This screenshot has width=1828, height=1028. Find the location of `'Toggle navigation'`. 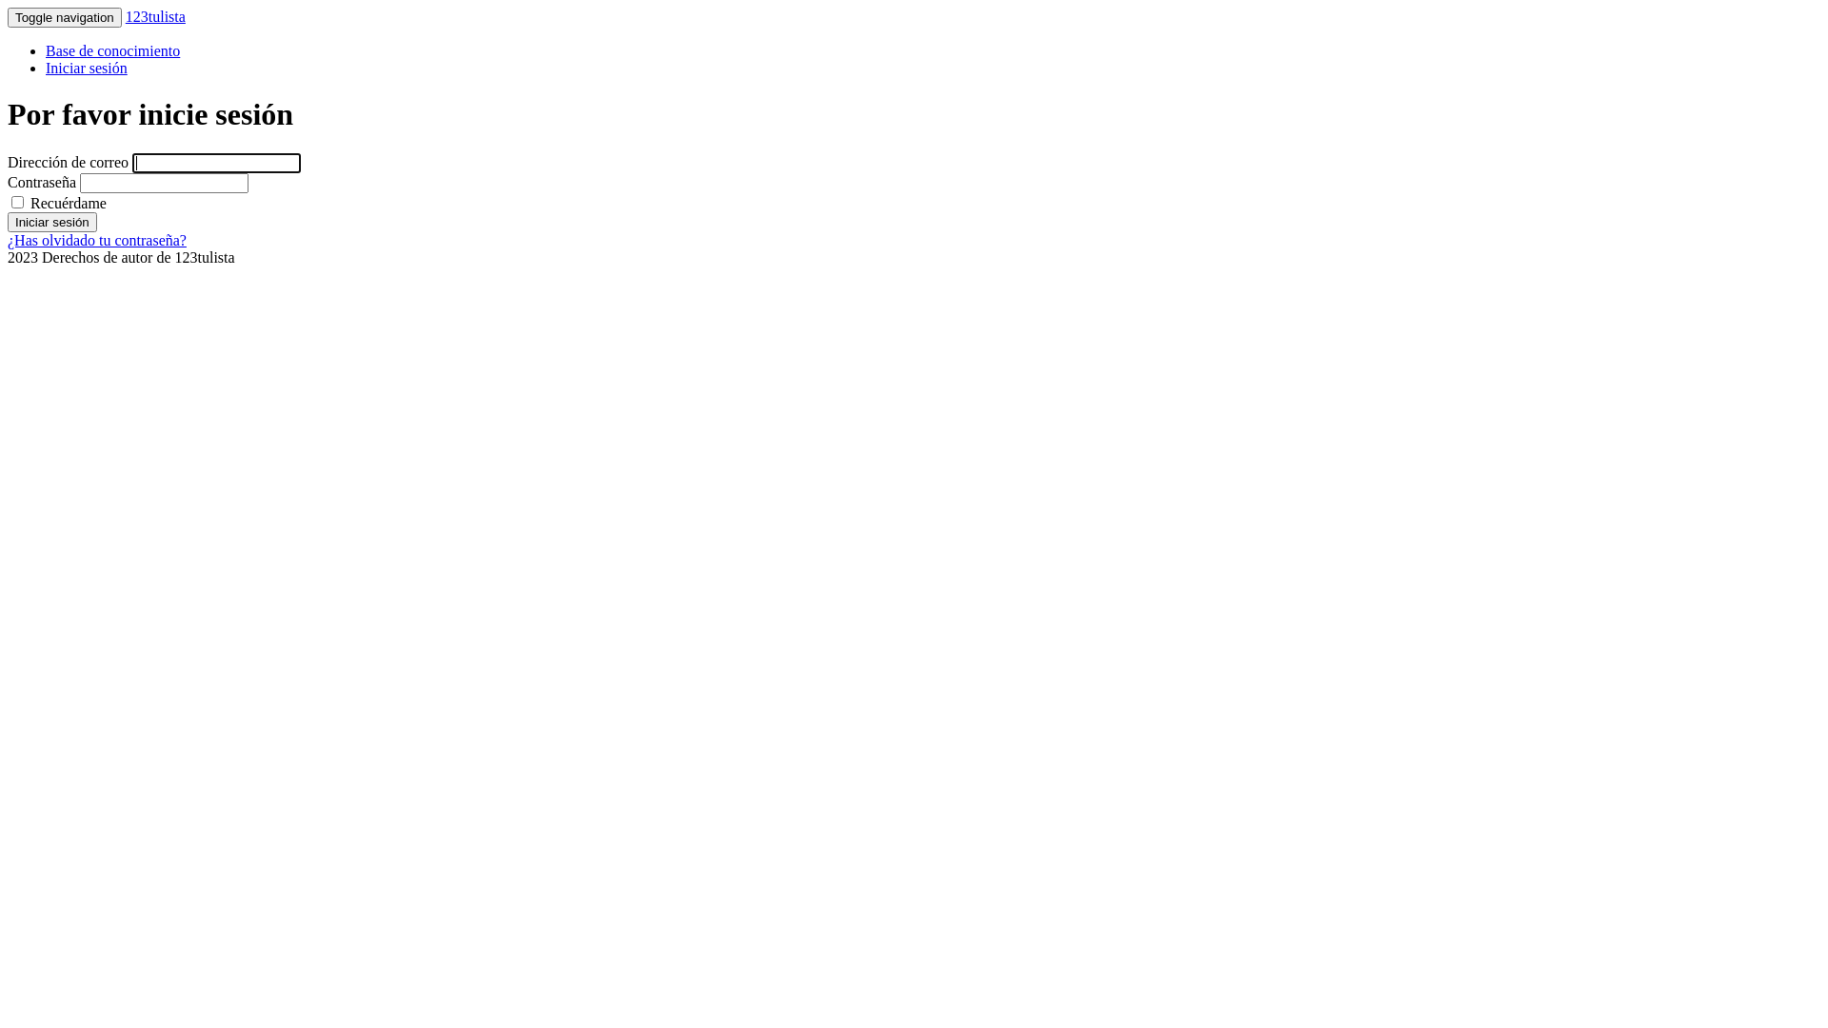

'Toggle navigation' is located at coordinates (64, 17).